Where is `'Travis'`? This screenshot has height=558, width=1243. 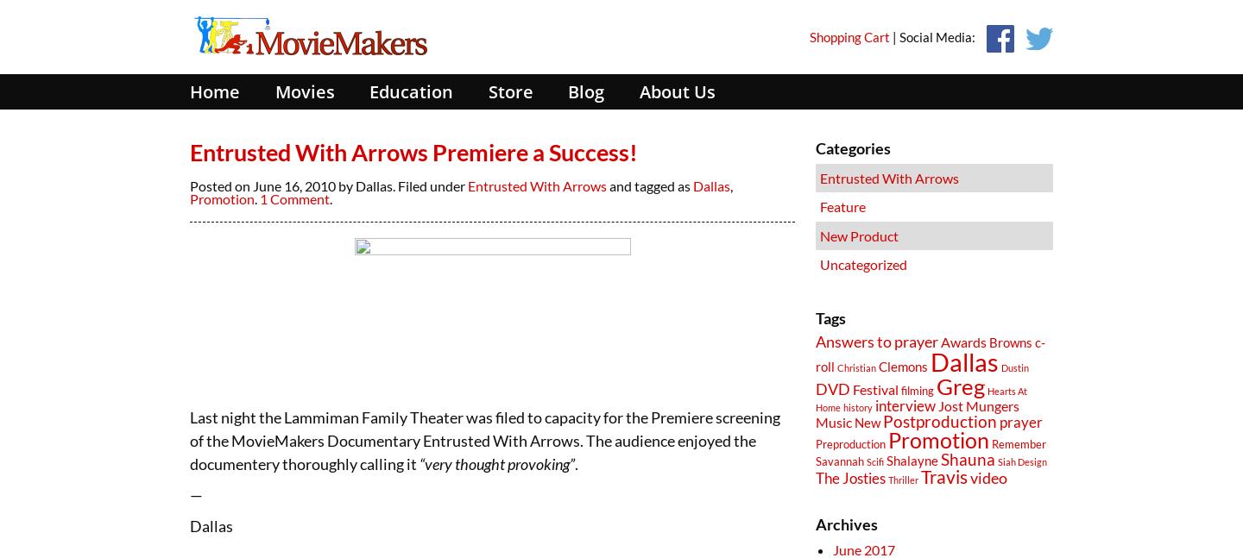 'Travis' is located at coordinates (943, 475).